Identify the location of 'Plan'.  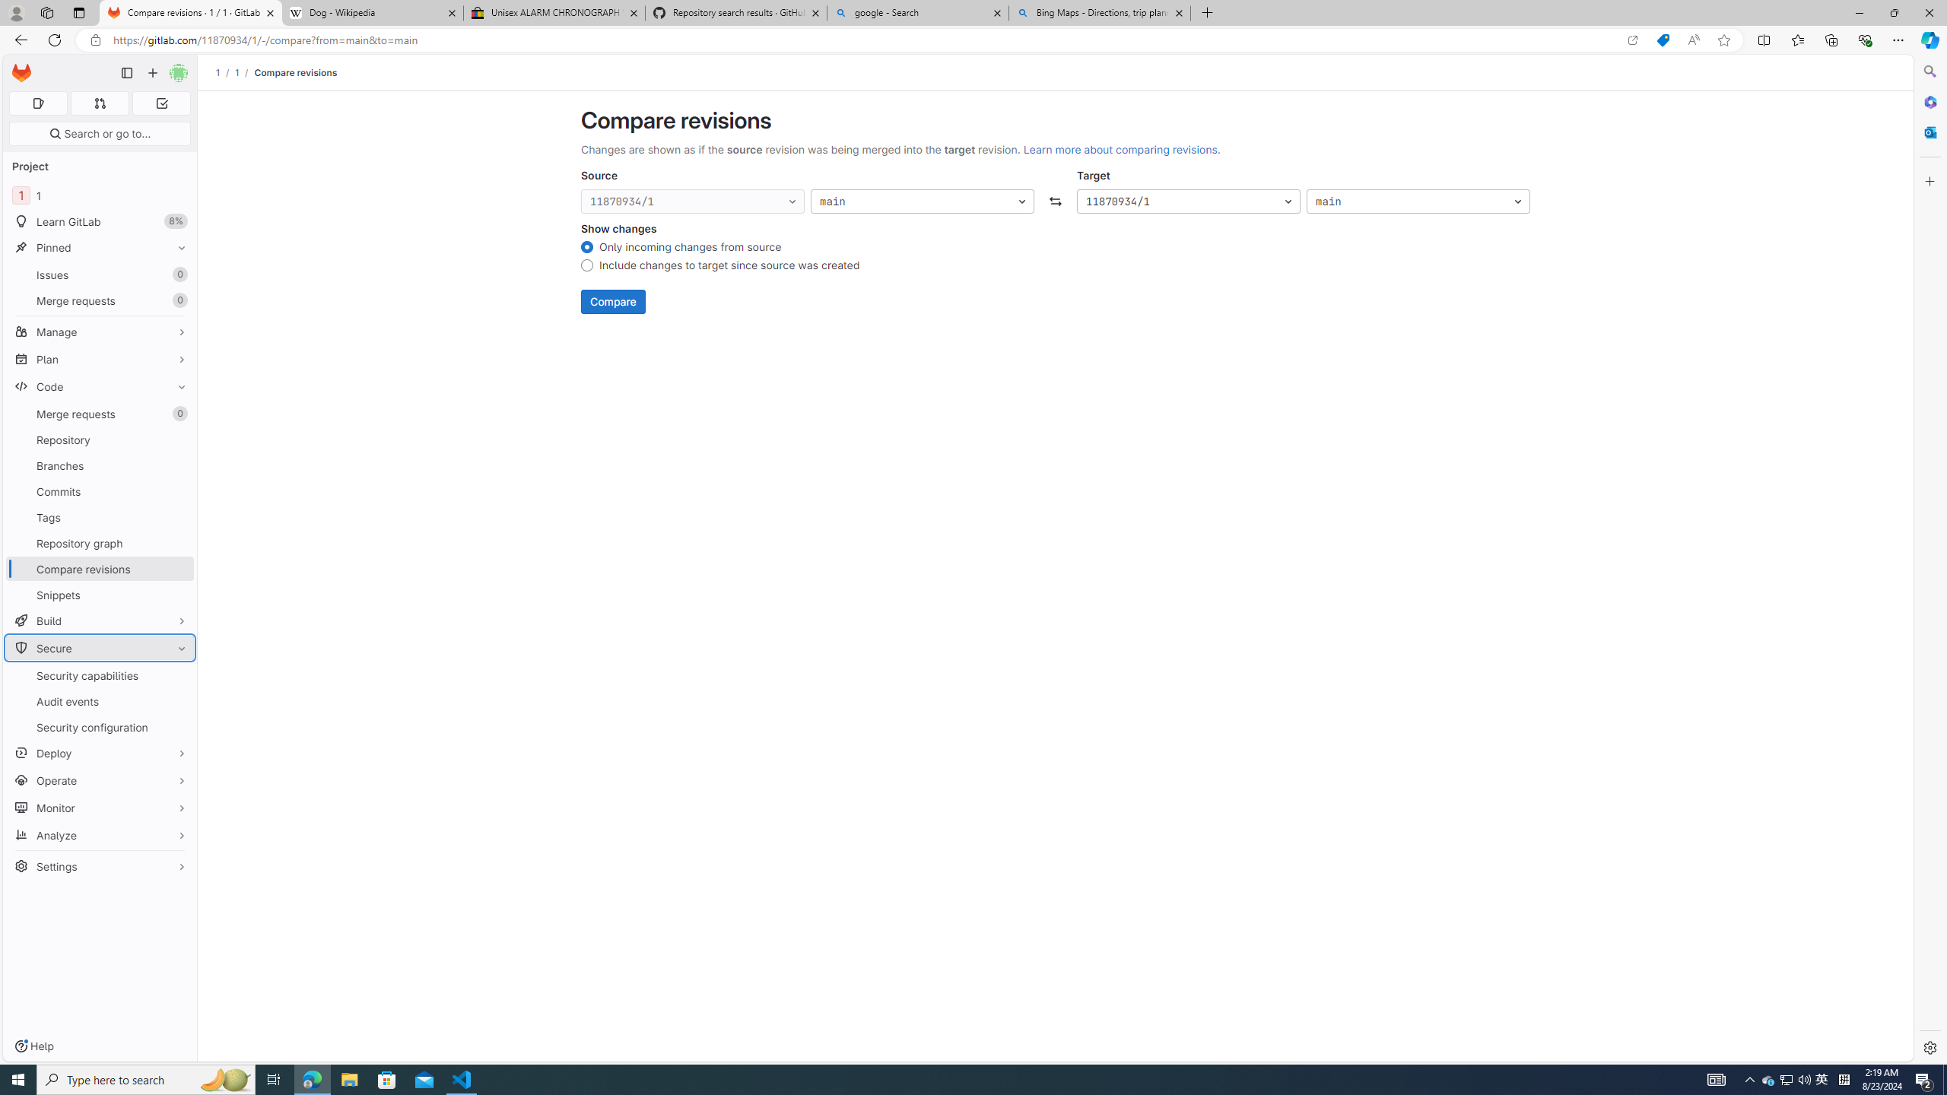
(99, 359).